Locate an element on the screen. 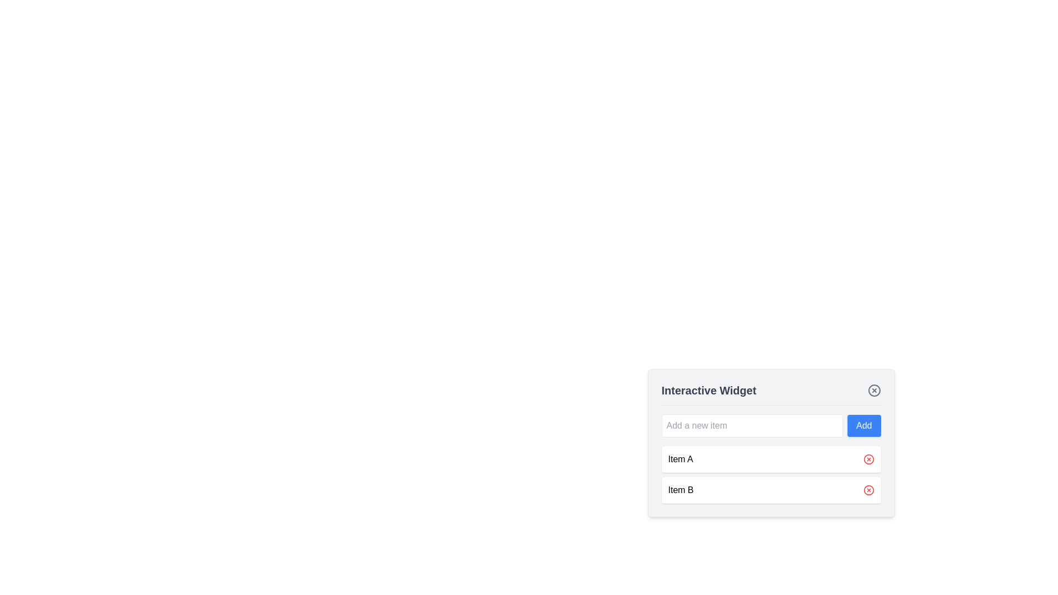 This screenshot has height=595, width=1058. the text input field within the composite component containing a button labeled 'Add' located in the 'Interactive Widget' section is located at coordinates (770, 425).